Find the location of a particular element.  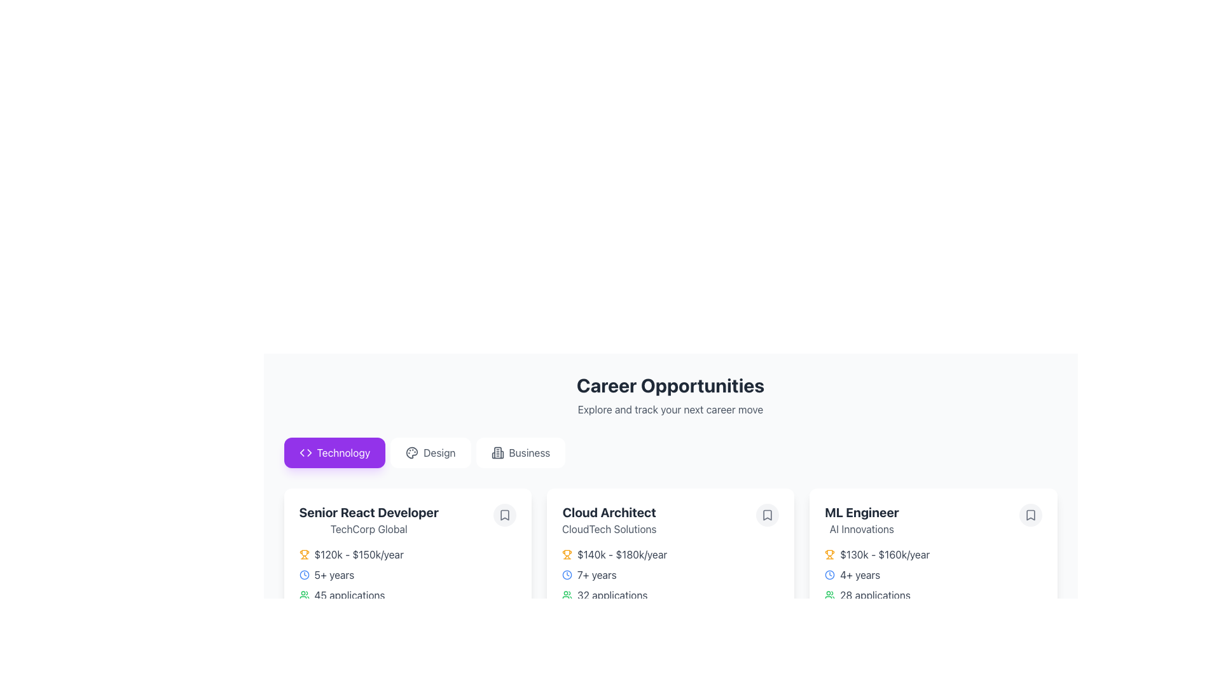

the blue clock SVG icon that indicates experience requirements for the job listing 'ML Engineer', located to the left of the text '4+ years' is located at coordinates (830, 574).